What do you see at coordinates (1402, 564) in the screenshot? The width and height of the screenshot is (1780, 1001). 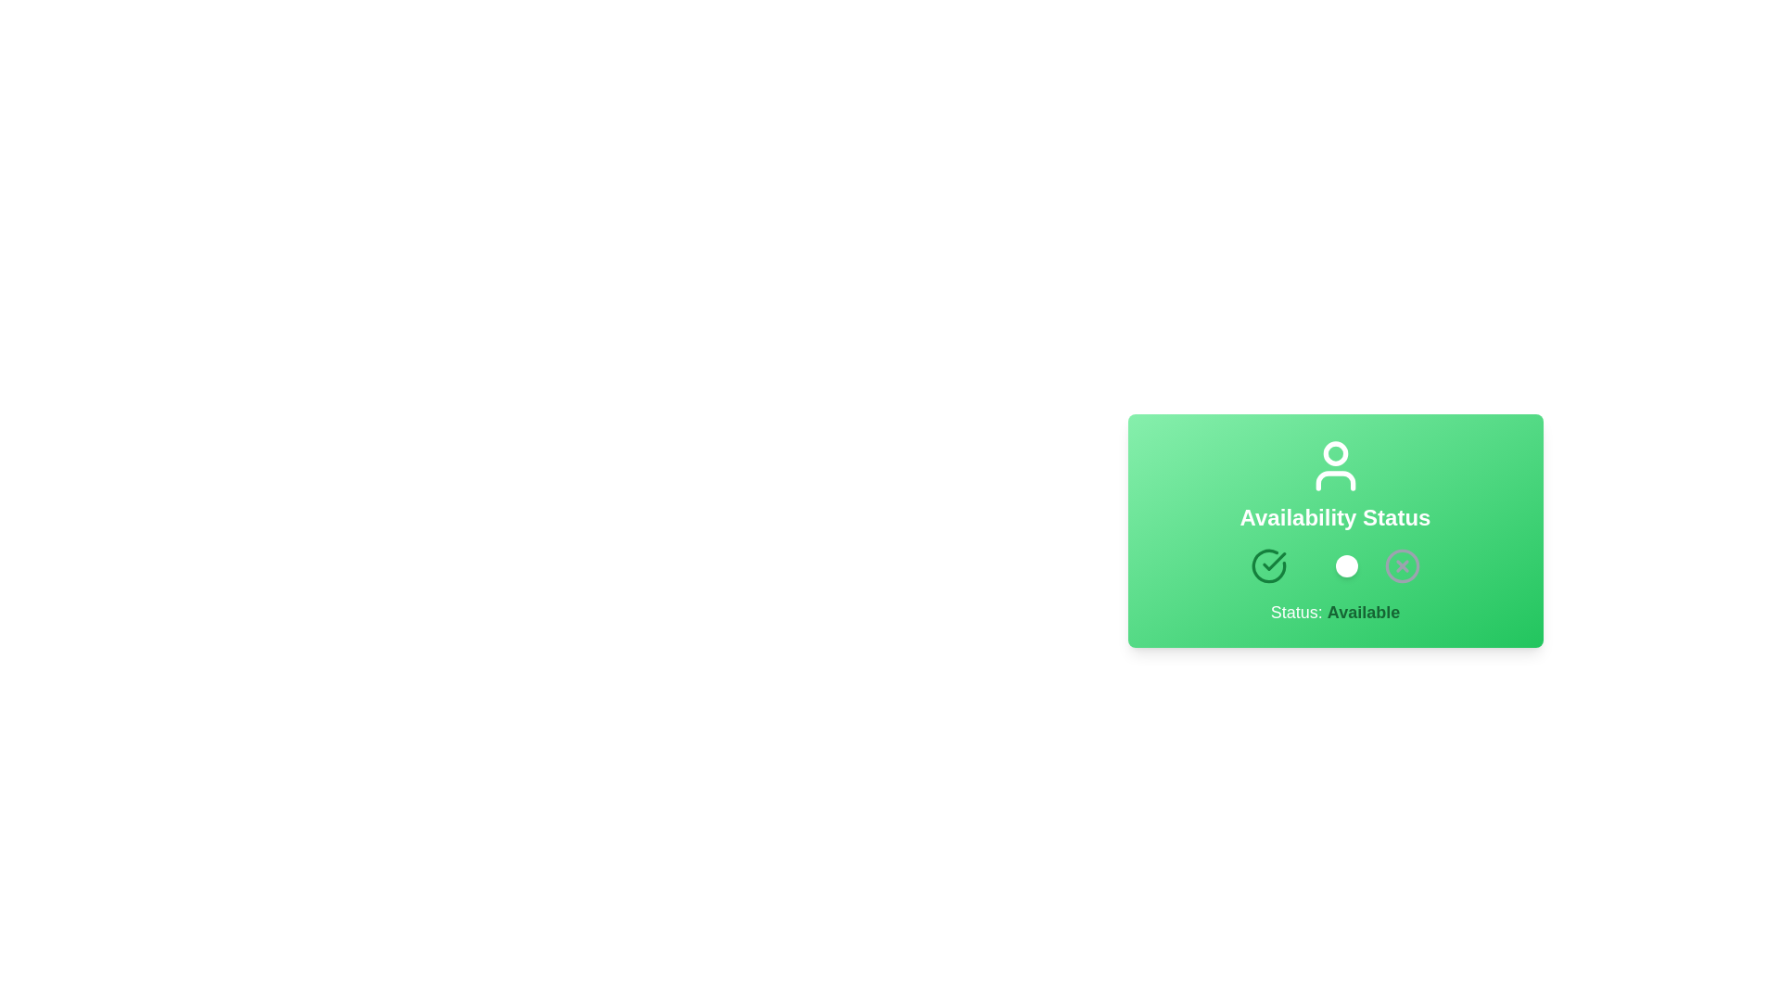 I see `the interactive icon/button in the lower-right corner of the green card labeled 'Availability Status', which represents an 'unavailable' or 'error' state` at bounding box center [1402, 564].